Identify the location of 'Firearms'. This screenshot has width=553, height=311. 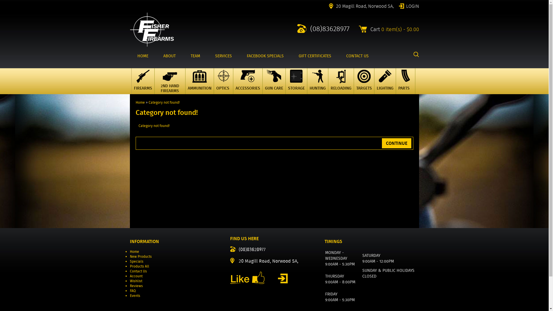
(143, 85).